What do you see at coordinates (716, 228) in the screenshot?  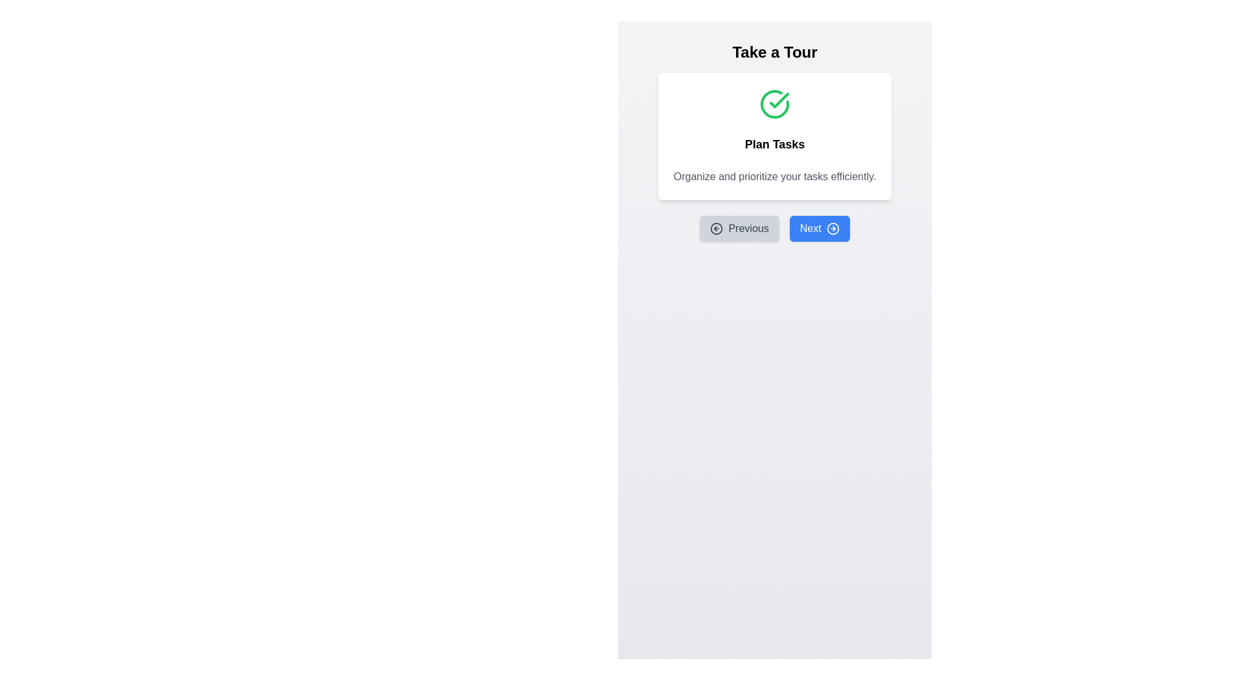 I see `the left-aligned circular icon with a left-pointing arrow inside it, which is part of the 'Previous' button located below the 'Plan Tasks' title and description` at bounding box center [716, 228].